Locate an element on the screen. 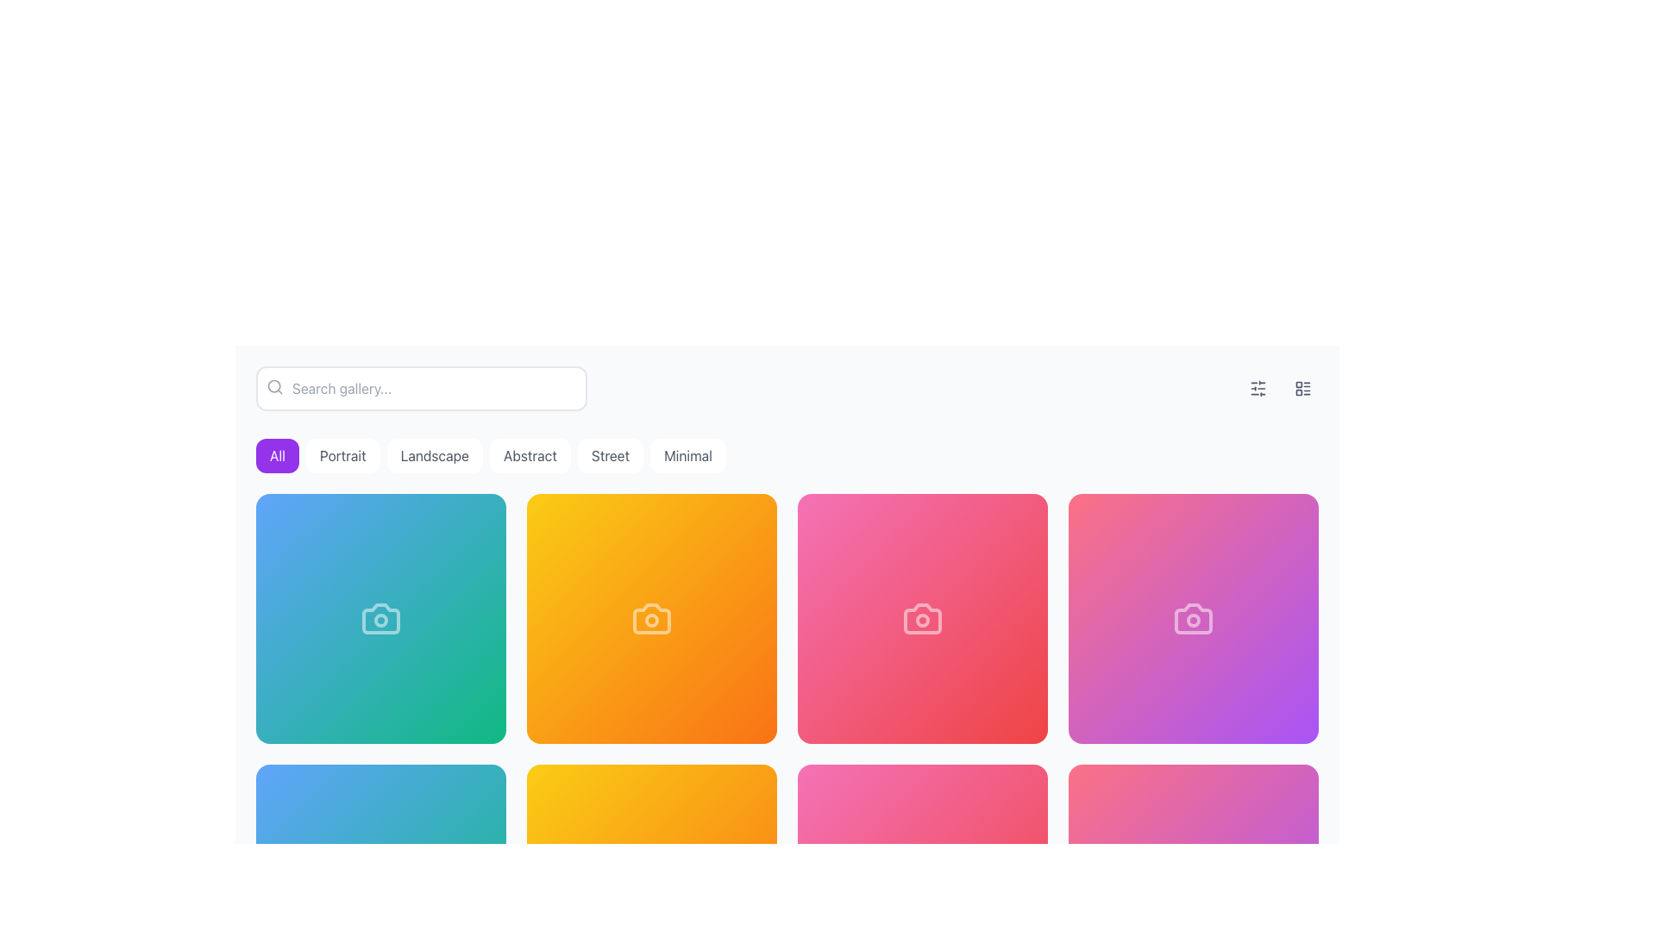 The image size is (1656, 931). the 'Street' category selector button, which is the fifth button in a group of six category buttons above the gallery grid is located at coordinates (611, 454).